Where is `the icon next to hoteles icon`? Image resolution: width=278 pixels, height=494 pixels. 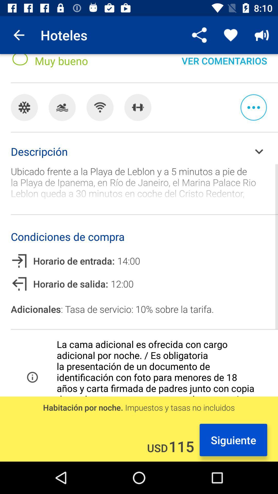 the icon next to hoteles icon is located at coordinates (19, 35).